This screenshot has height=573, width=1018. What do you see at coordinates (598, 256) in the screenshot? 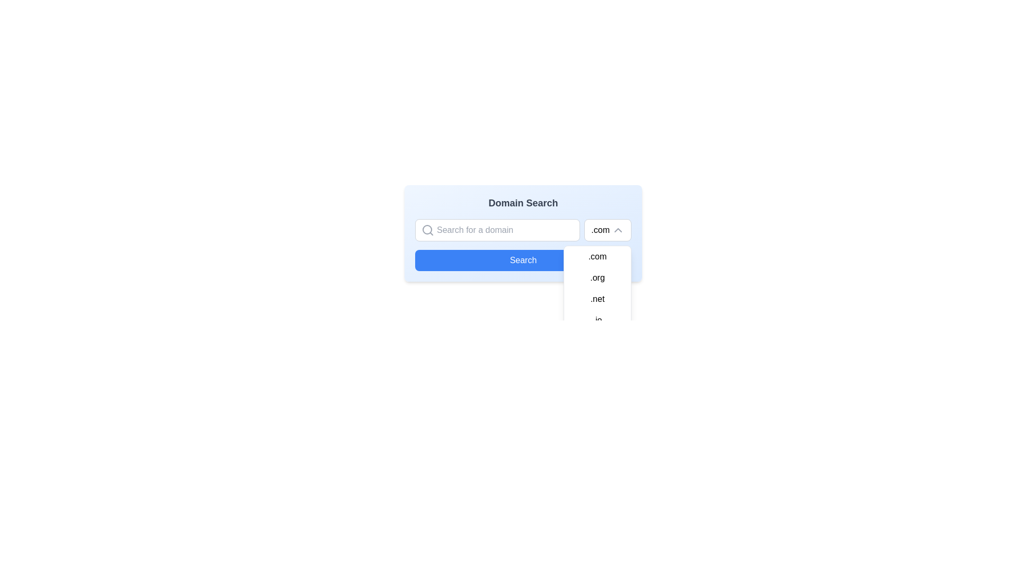
I see `the first menu item displaying '.com' in the dropdown menu located at the top-right of the interface` at bounding box center [598, 256].